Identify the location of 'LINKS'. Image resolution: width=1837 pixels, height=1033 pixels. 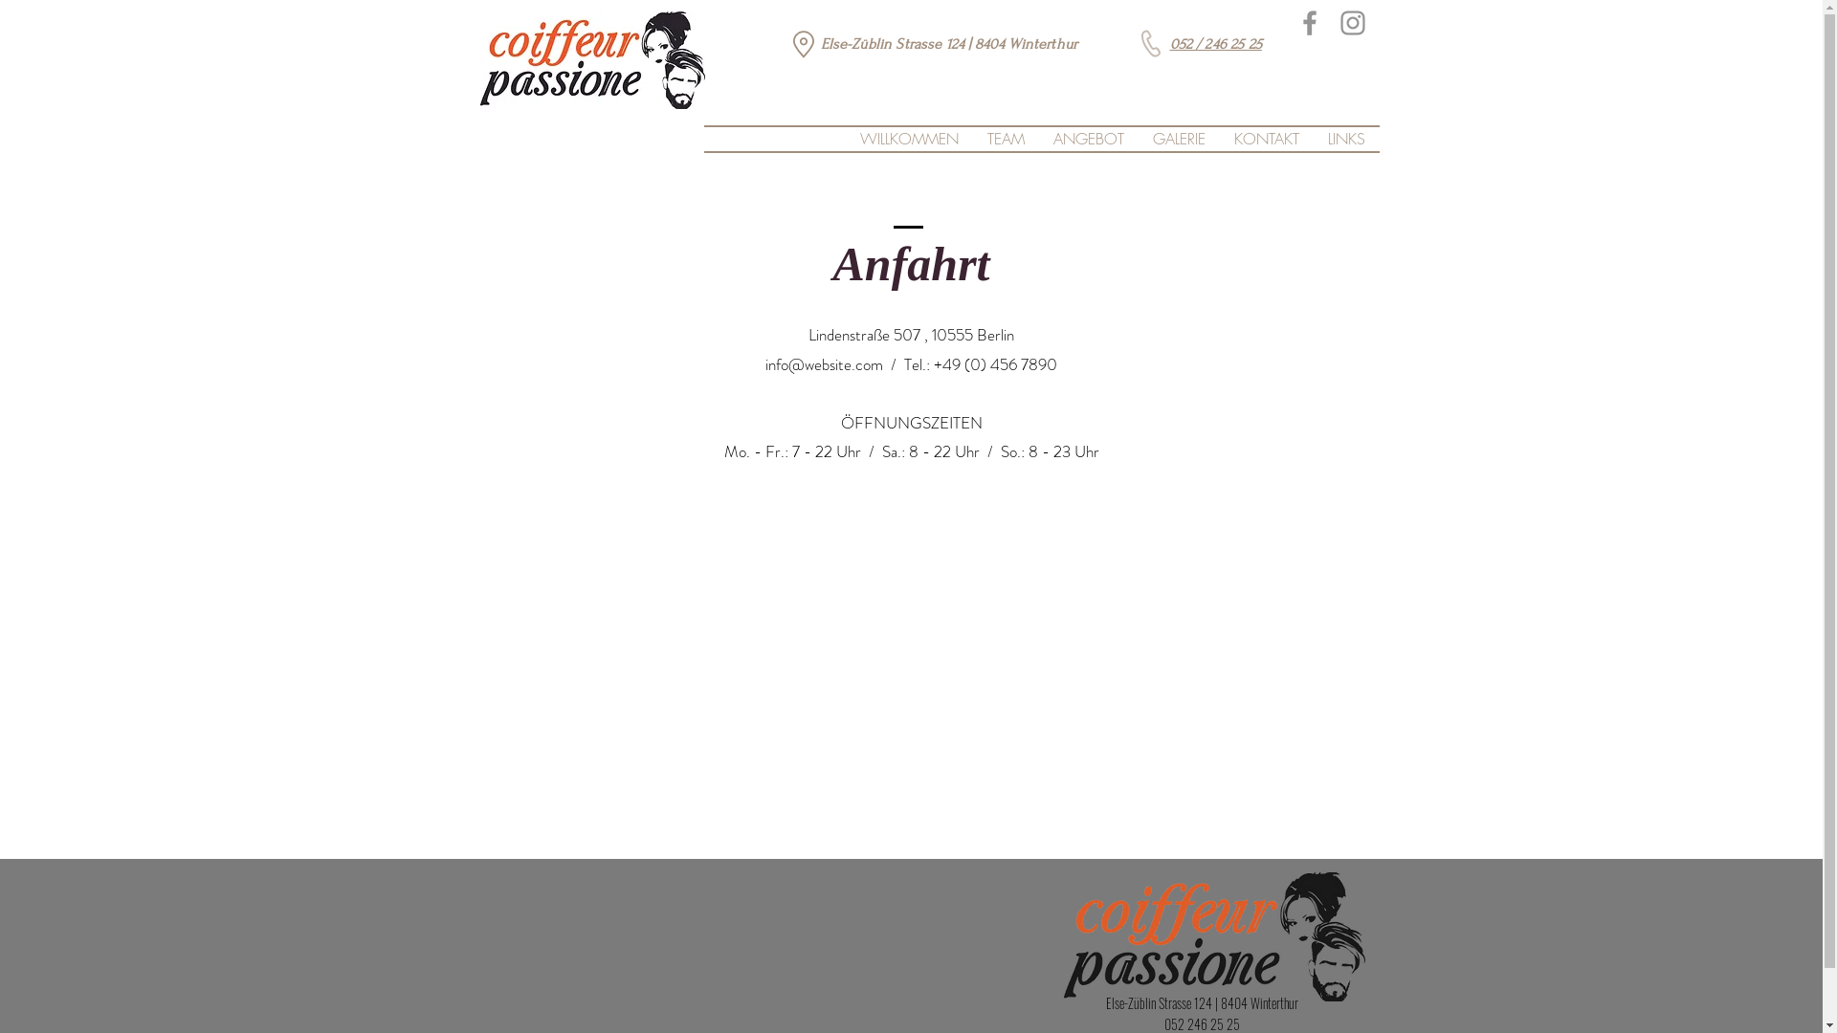
(1344, 138).